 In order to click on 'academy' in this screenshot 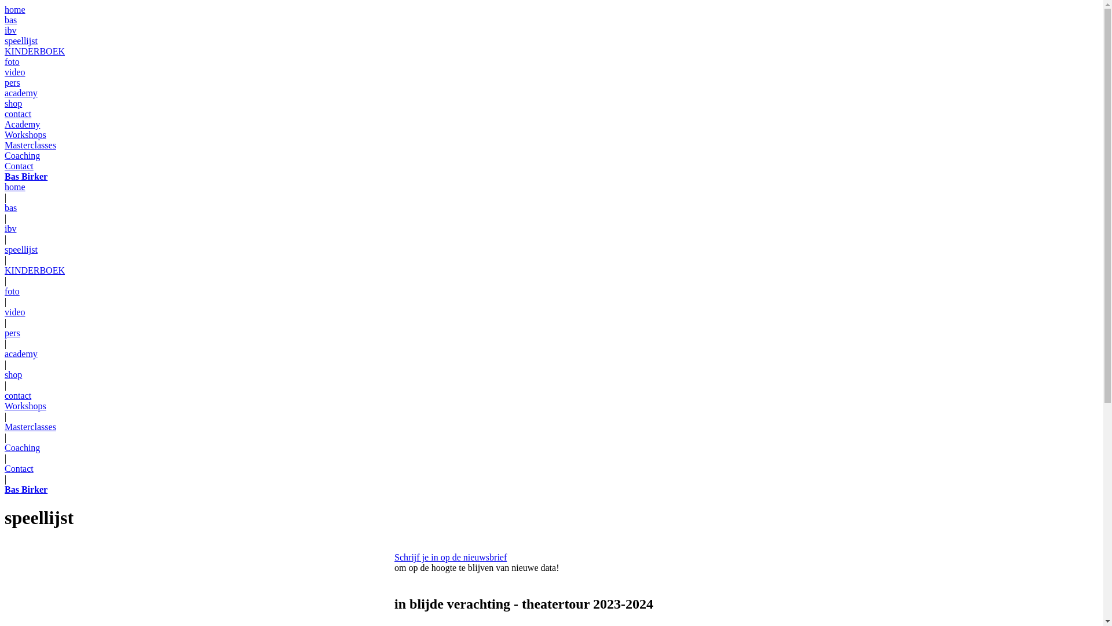, I will do `click(21, 353)`.